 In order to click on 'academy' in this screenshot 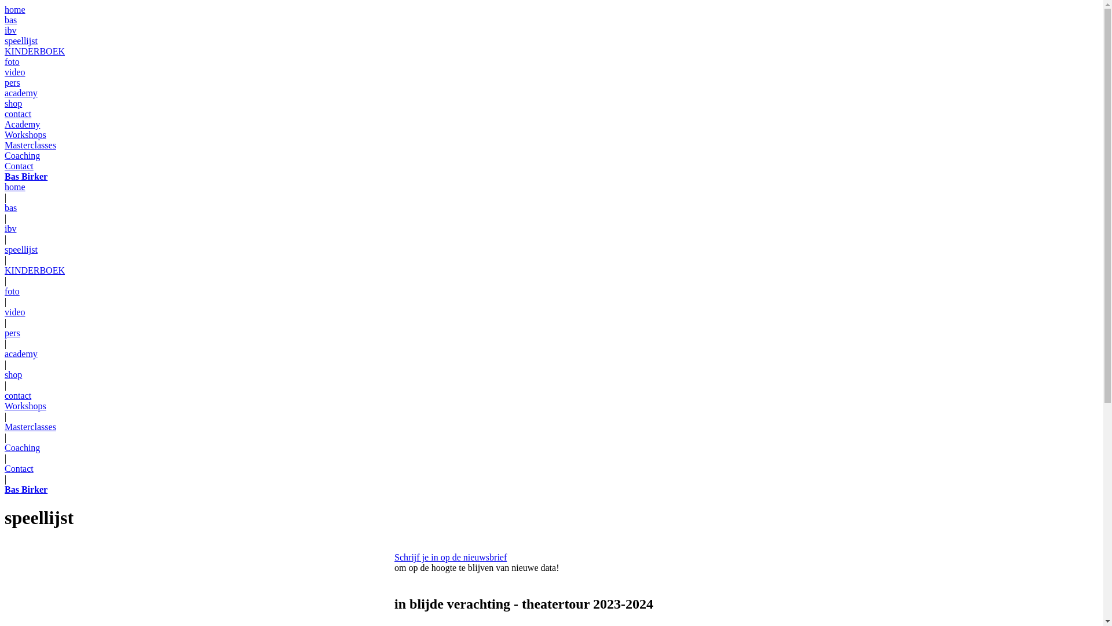, I will do `click(21, 353)`.